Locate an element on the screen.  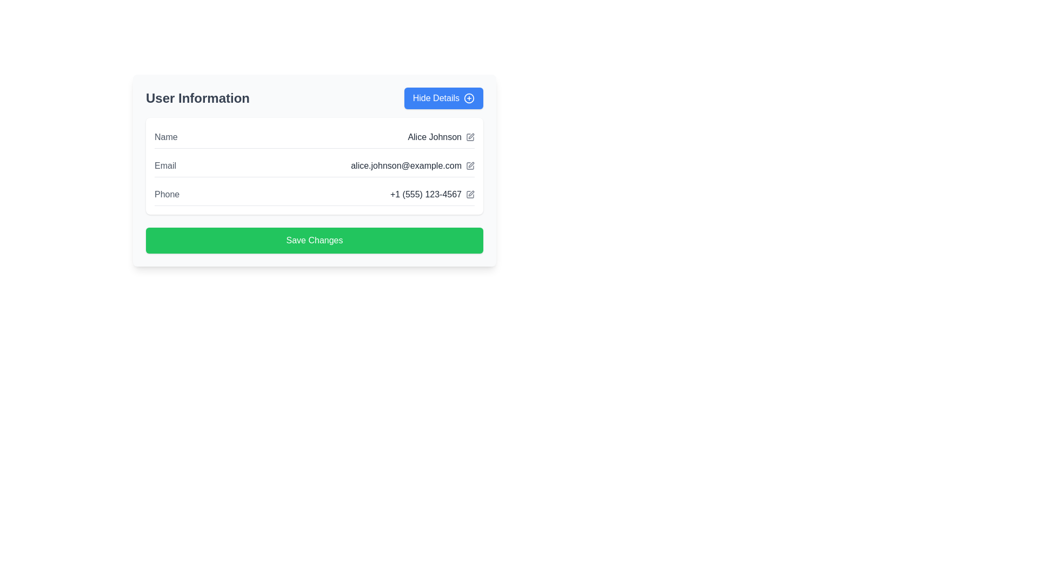
the circular outline of the plus icon graphic component, which contributes to the overall design of the icon next to the 'Hide Details' button is located at coordinates (469, 98).